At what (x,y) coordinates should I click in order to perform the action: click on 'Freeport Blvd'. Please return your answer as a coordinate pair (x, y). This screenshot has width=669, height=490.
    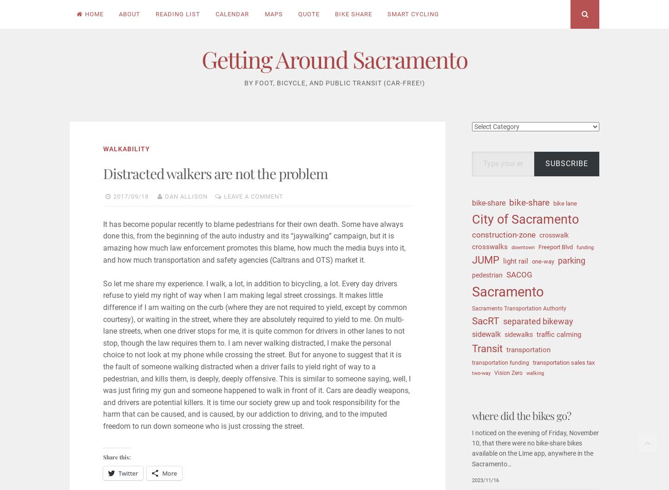
    Looking at the image, I should click on (556, 246).